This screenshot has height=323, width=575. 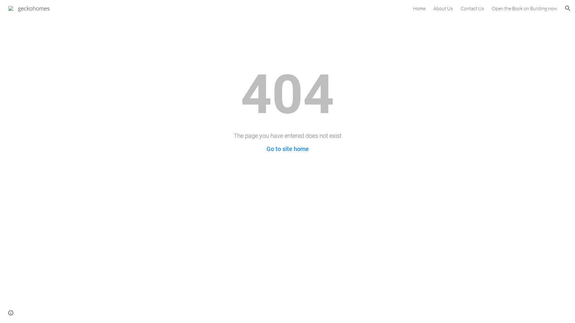 I want to click on 'Go to site home', so click(x=287, y=148).